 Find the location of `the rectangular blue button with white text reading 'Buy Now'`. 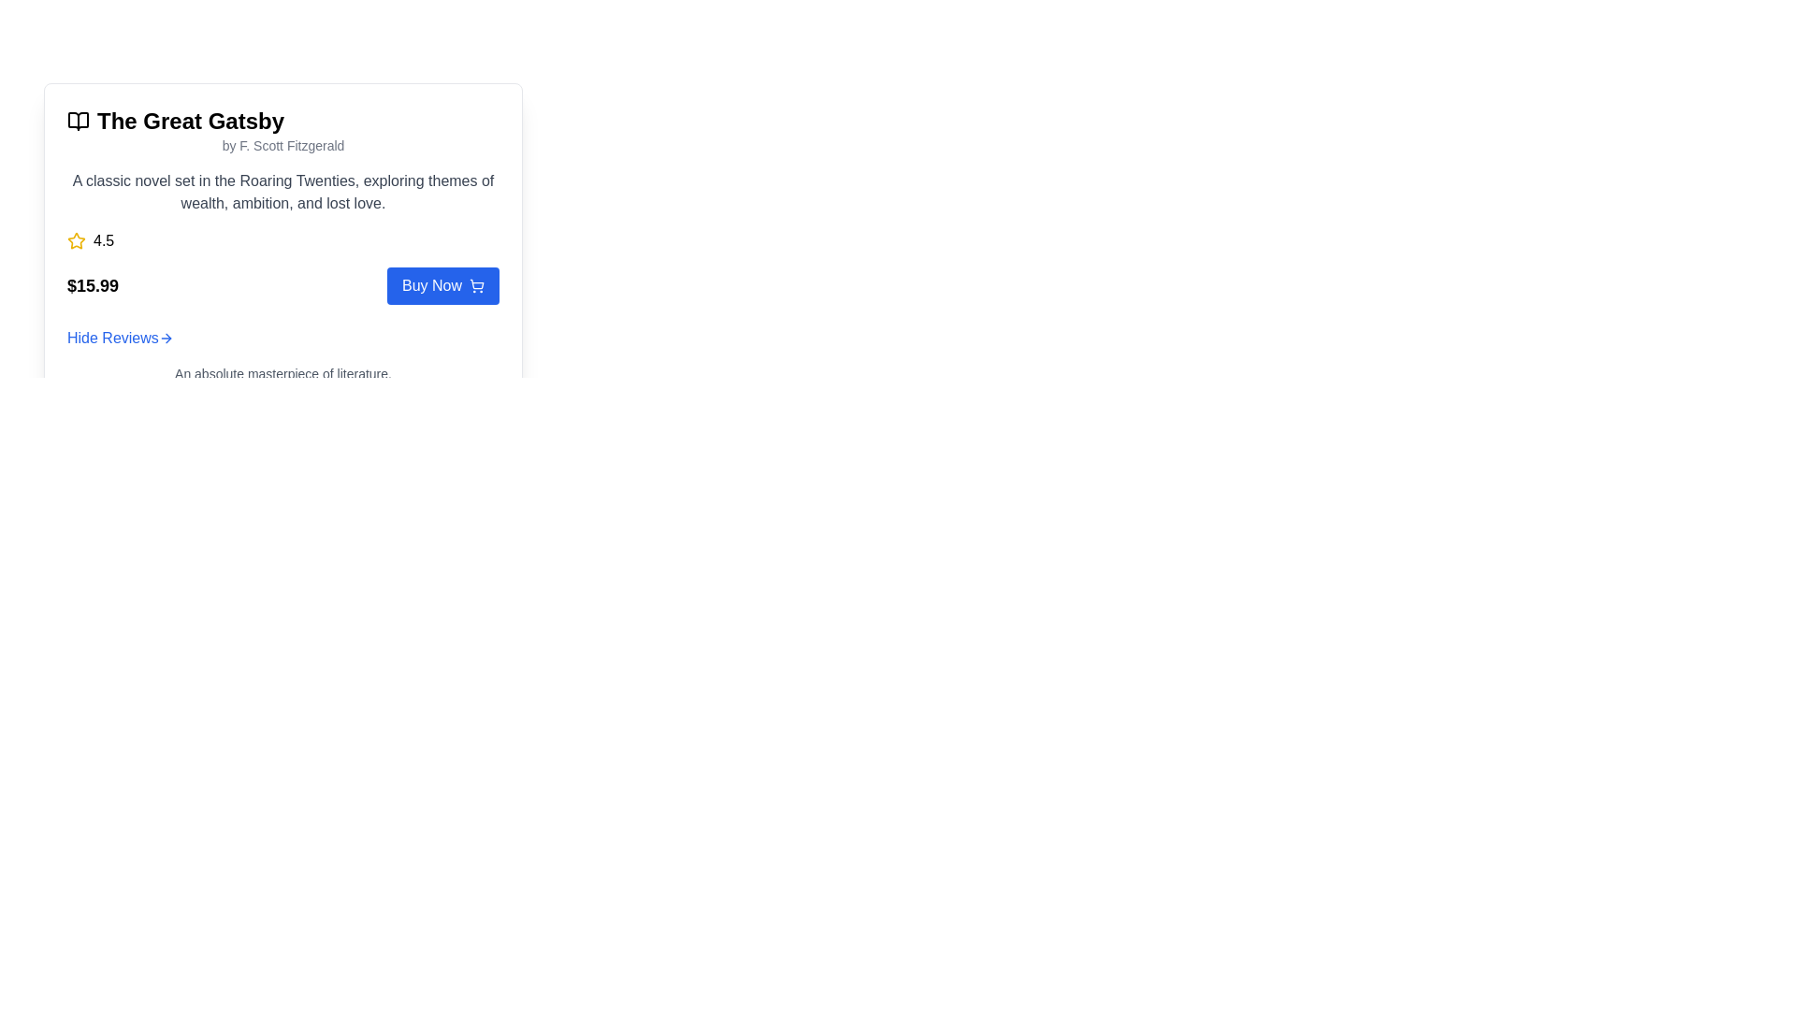

the rectangular blue button with white text reading 'Buy Now' is located at coordinates (442, 285).